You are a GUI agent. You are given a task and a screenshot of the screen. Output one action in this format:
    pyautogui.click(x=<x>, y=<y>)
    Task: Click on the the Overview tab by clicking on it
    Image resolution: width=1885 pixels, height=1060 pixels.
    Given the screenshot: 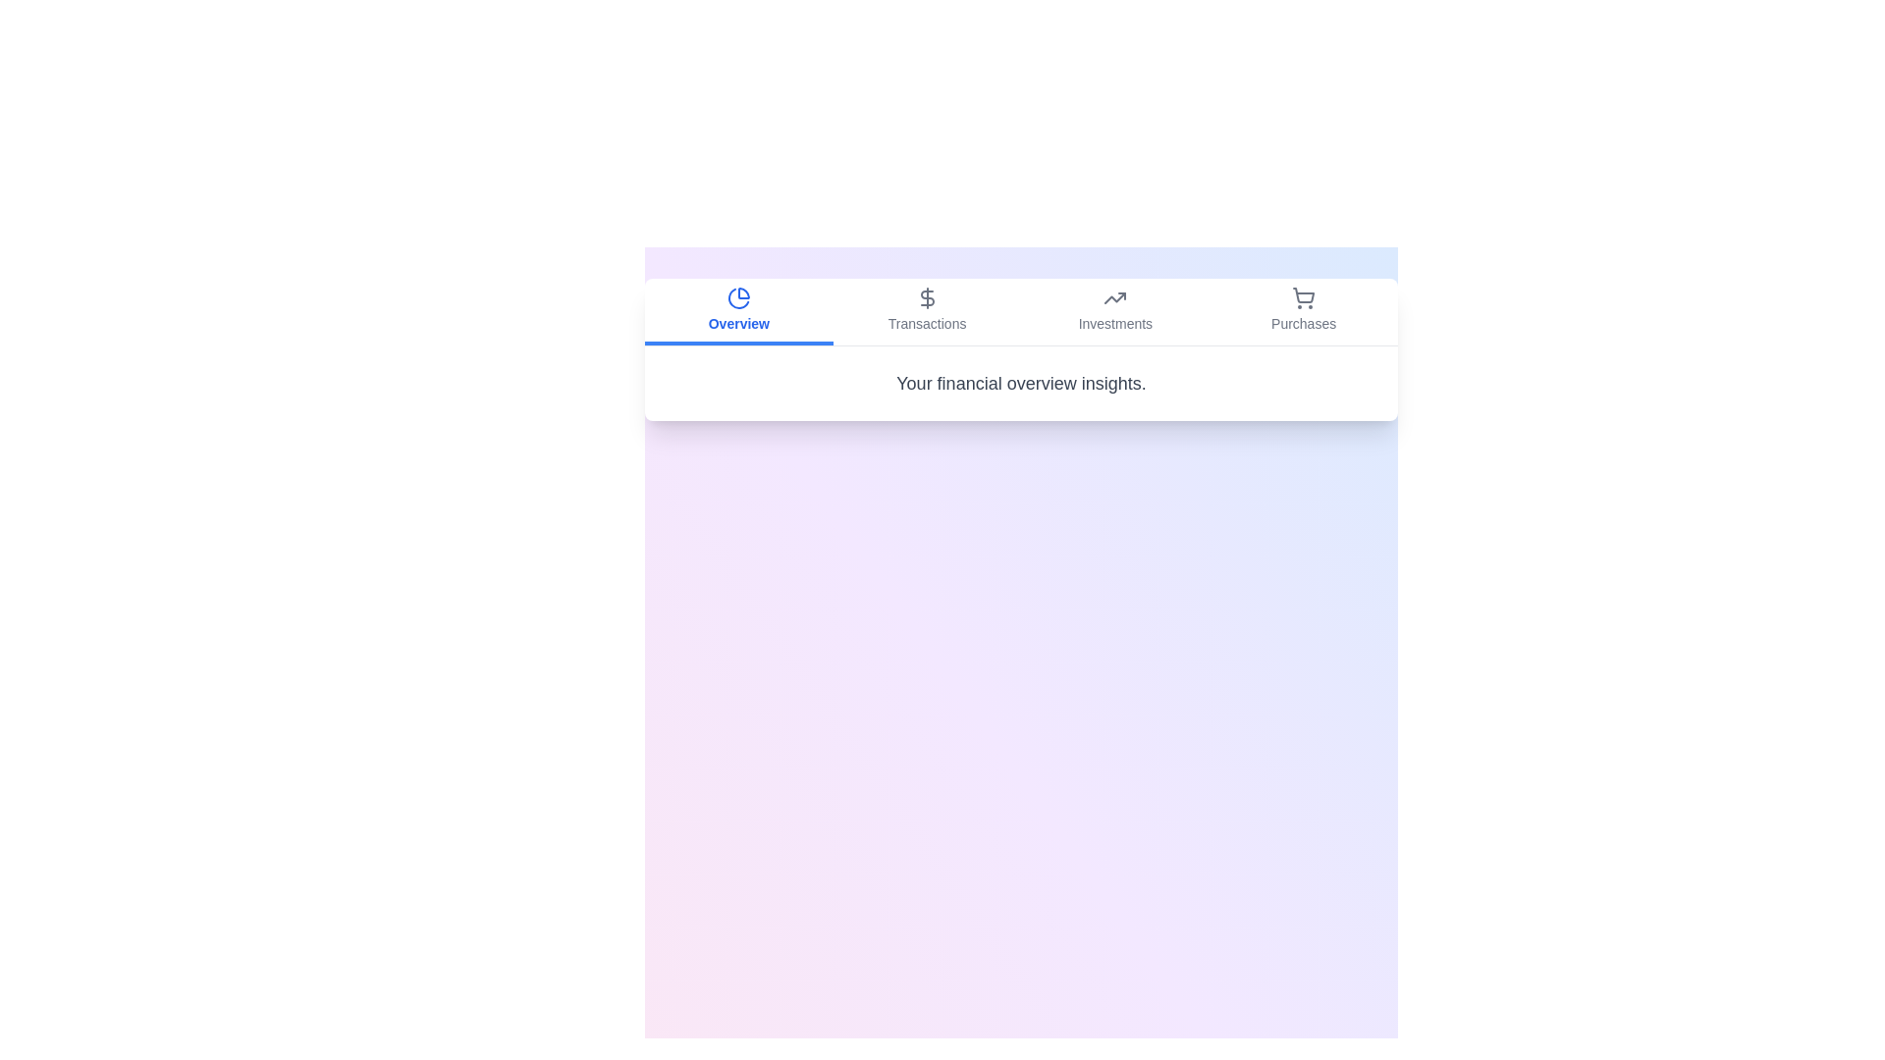 What is the action you would take?
    pyautogui.click(x=737, y=310)
    